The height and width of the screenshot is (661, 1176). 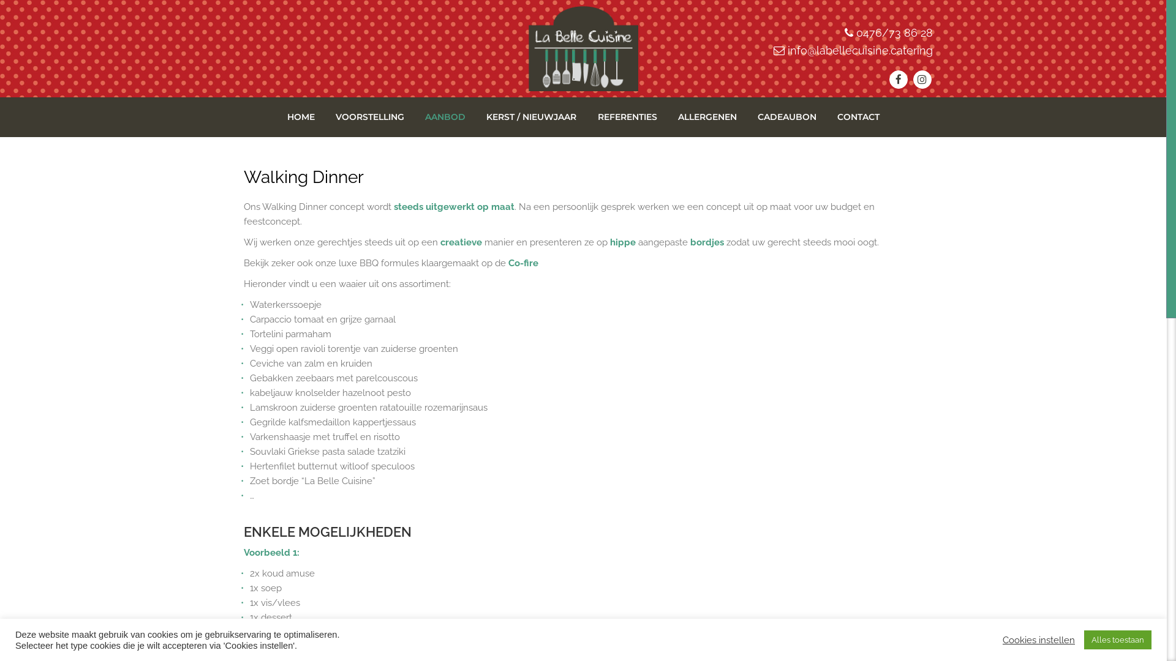 What do you see at coordinates (1117, 639) in the screenshot?
I see `'Alles toestaan'` at bounding box center [1117, 639].